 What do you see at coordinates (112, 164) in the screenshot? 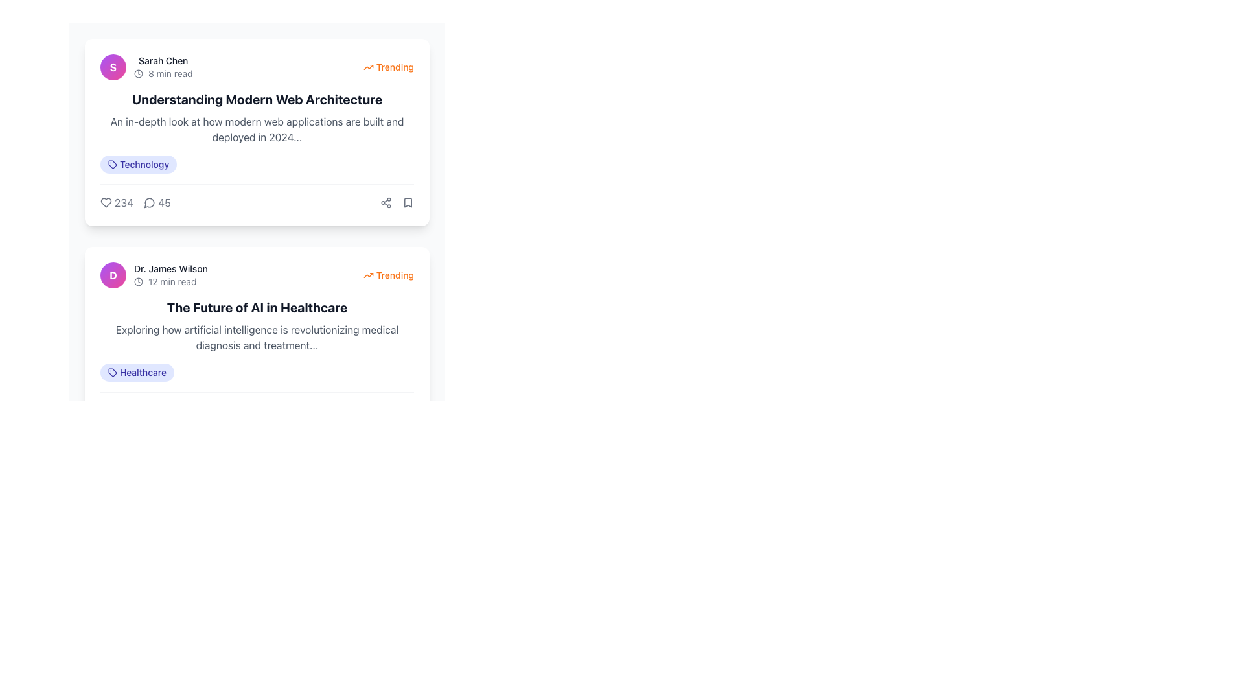
I see `the tag-like icon located to the left of the 'Technology' label in the top card of the interface` at bounding box center [112, 164].